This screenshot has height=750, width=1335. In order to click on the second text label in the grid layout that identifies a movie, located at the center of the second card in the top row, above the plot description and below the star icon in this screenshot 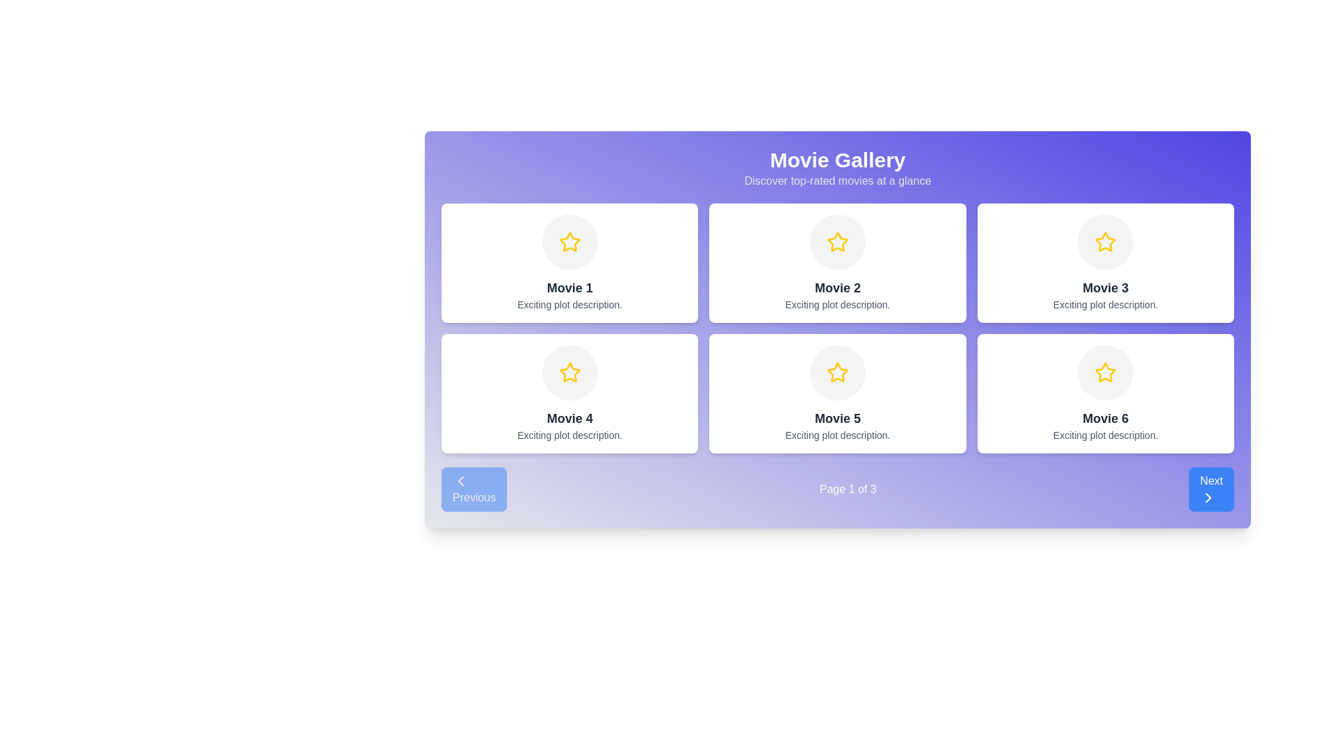, I will do `click(836, 287)`.